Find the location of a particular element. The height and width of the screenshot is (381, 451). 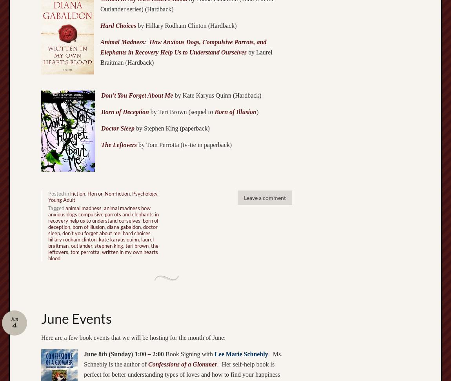

')' is located at coordinates (256, 111).